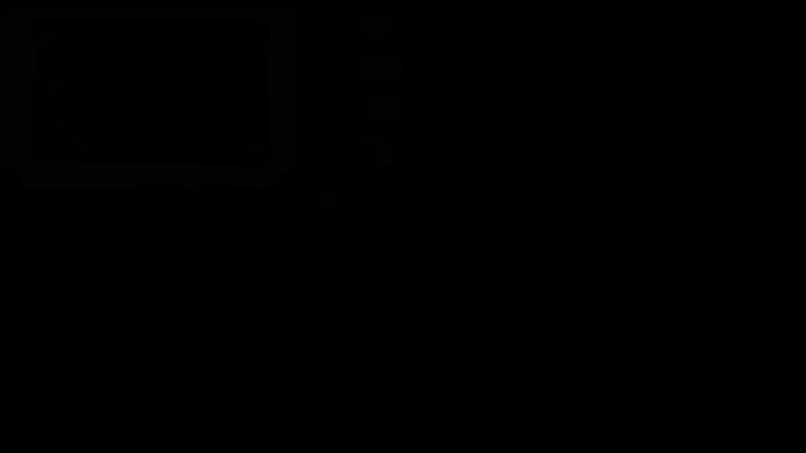 This screenshot has height=453, width=806. Describe the element at coordinates (324, 161) in the screenshot. I see `VOL +` at that location.